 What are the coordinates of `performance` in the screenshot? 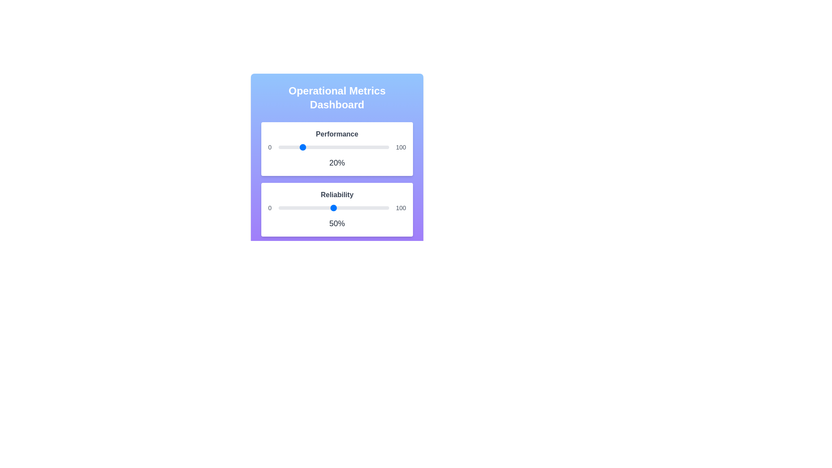 It's located at (296, 146).